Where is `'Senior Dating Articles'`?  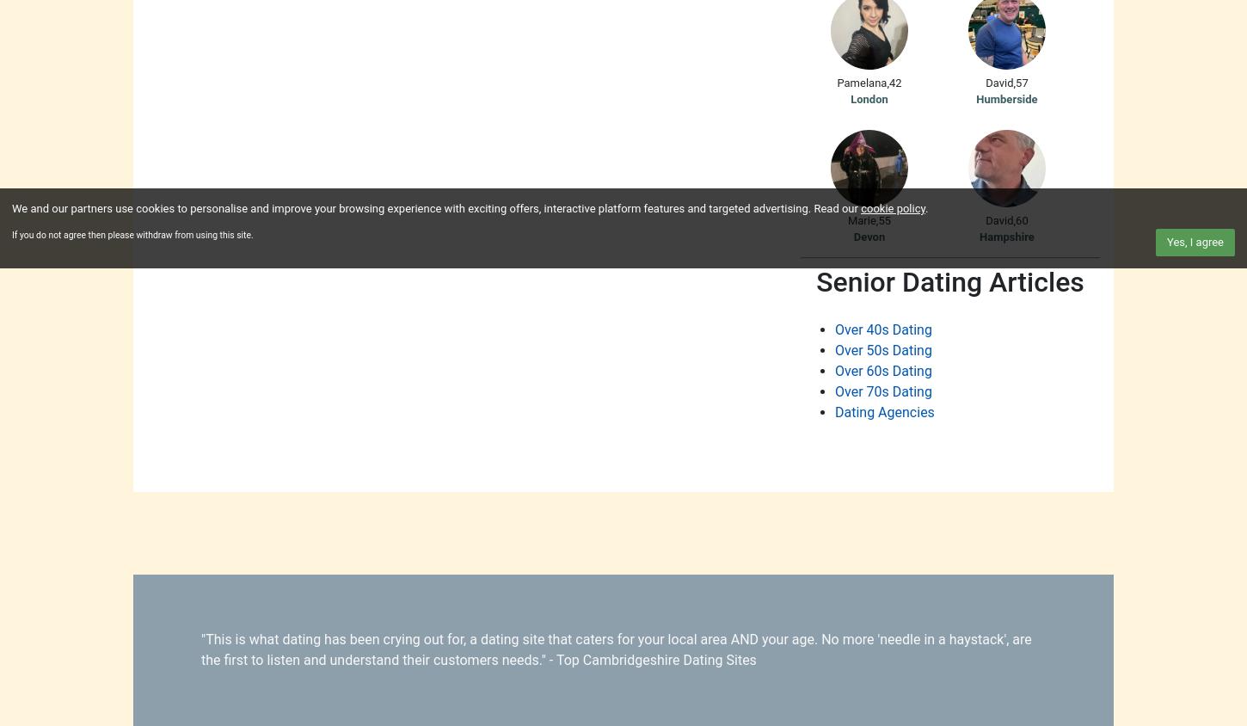 'Senior Dating Articles' is located at coordinates (949, 281).